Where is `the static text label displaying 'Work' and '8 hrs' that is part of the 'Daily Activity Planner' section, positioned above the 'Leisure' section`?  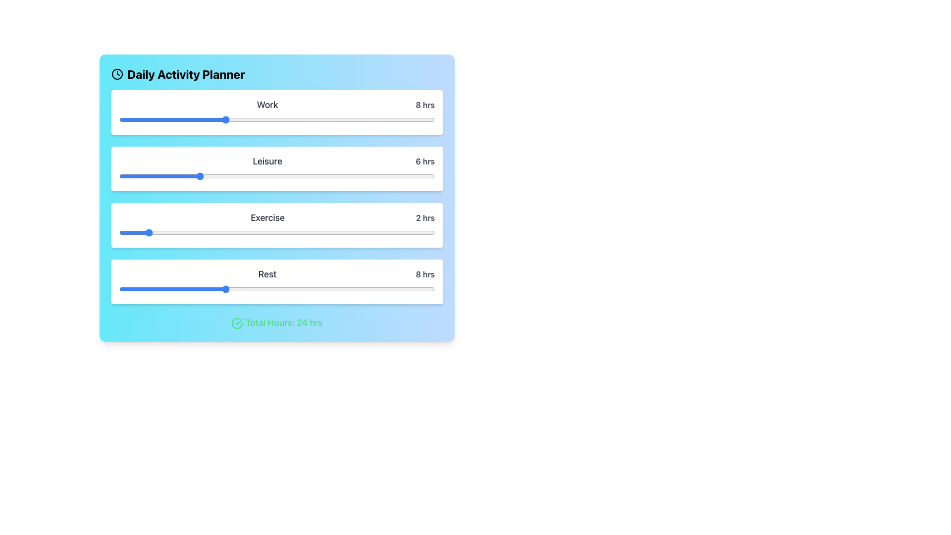 the static text label displaying 'Work' and '8 hrs' that is part of the 'Daily Activity Planner' section, positioned above the 'Leisure' section is located at coordinates (277, 105).